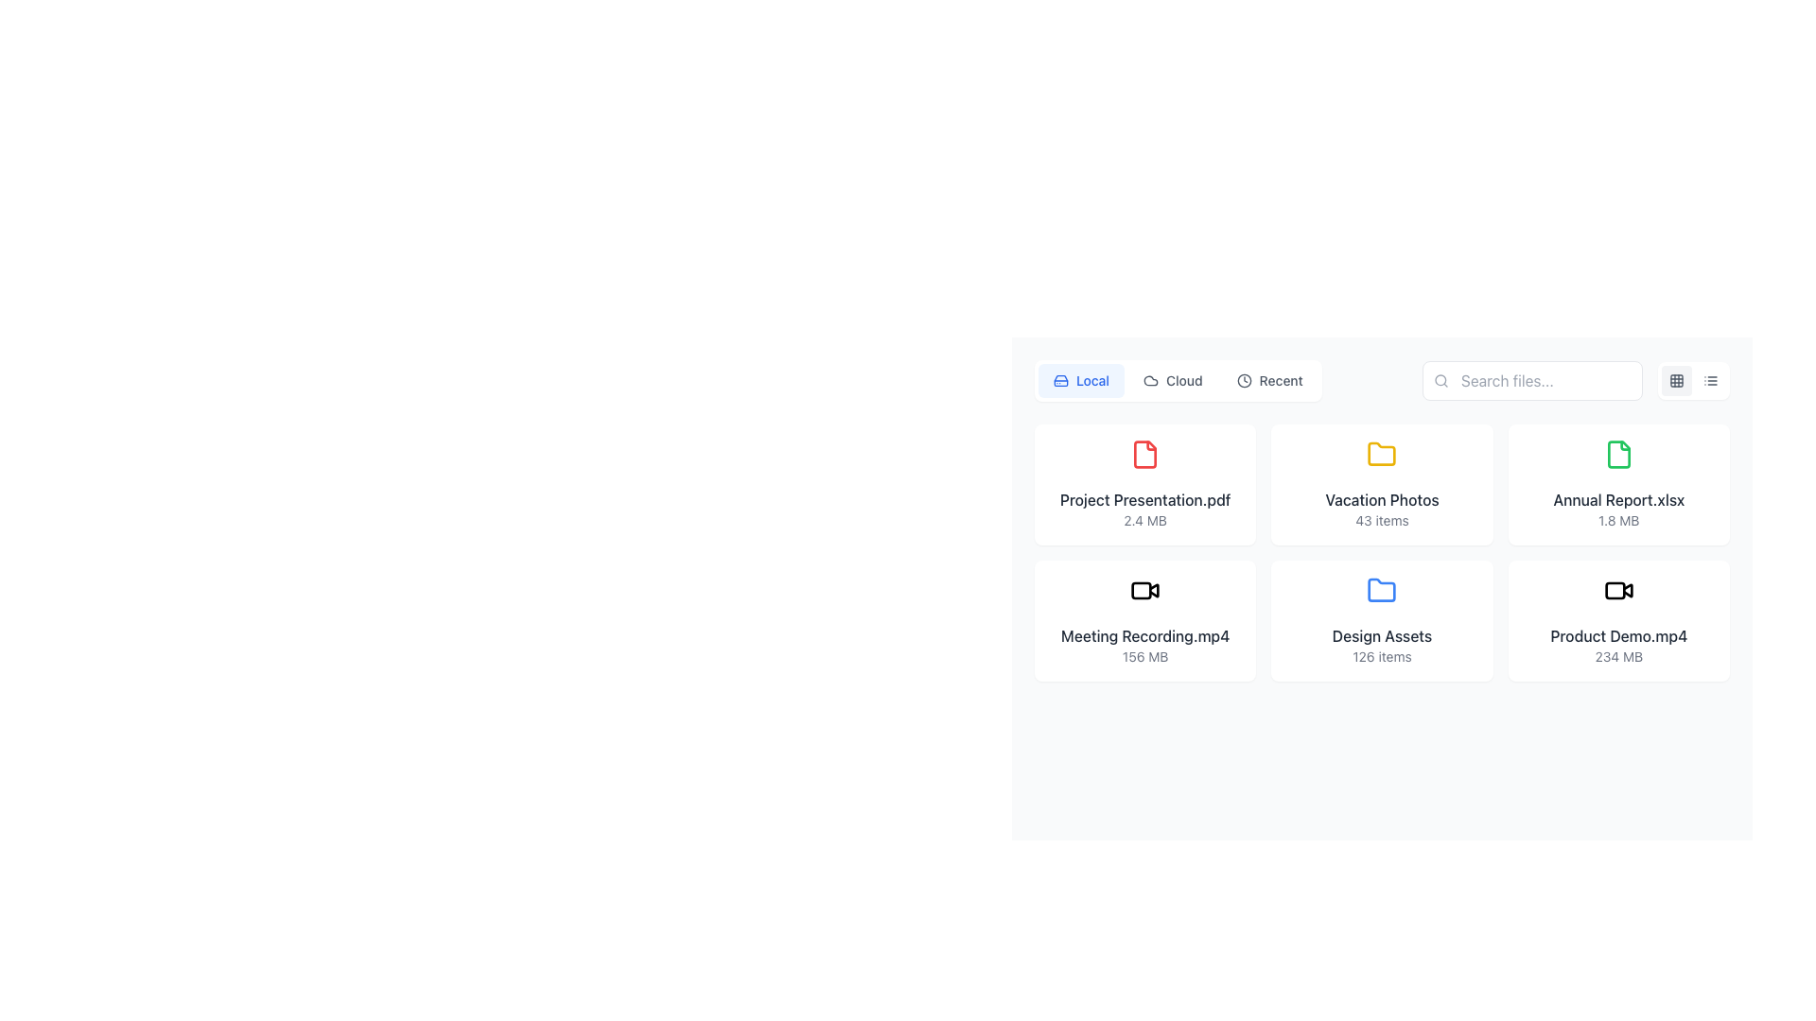 The height and width of the screenshot is (1021, 1816). What do you see at coordinates (1382, 589) in the screenshot?
I see `the blue folder icon located in the 'Design Assets' section to interact with it` at bounding box center [1382, 589].